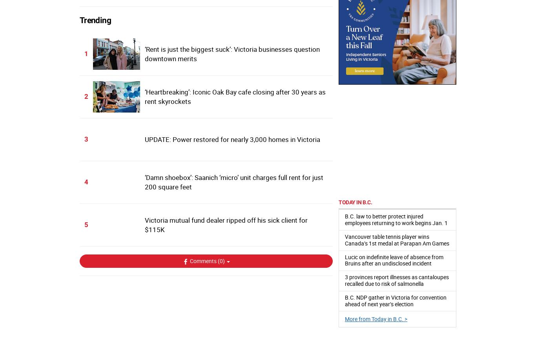 The image size is (536, 338). What do you see at coordinates (234, 96) in the screenshot?
I see `'‘Heartbreaking’: Iconic Oak Bay cafe closing after 30 years as rent skyrockets'` at bounding box center [234, 96].